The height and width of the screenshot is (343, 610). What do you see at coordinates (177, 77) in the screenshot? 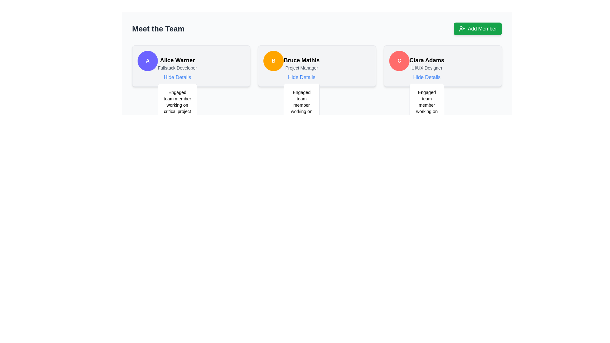
I see `the clickable text link associated with 'Alice Warner'` at bounding box center [177, 77].